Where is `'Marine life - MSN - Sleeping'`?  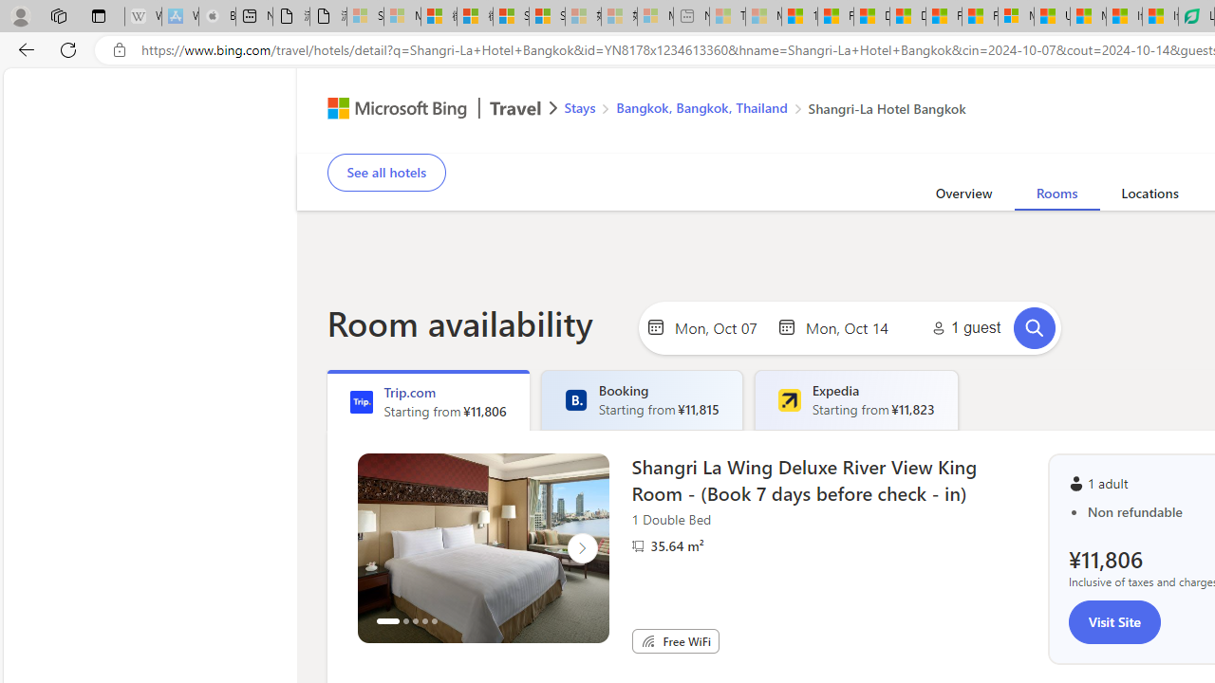
'Marine life - MSN - Sleeping' is located at coordinates (763, 16).